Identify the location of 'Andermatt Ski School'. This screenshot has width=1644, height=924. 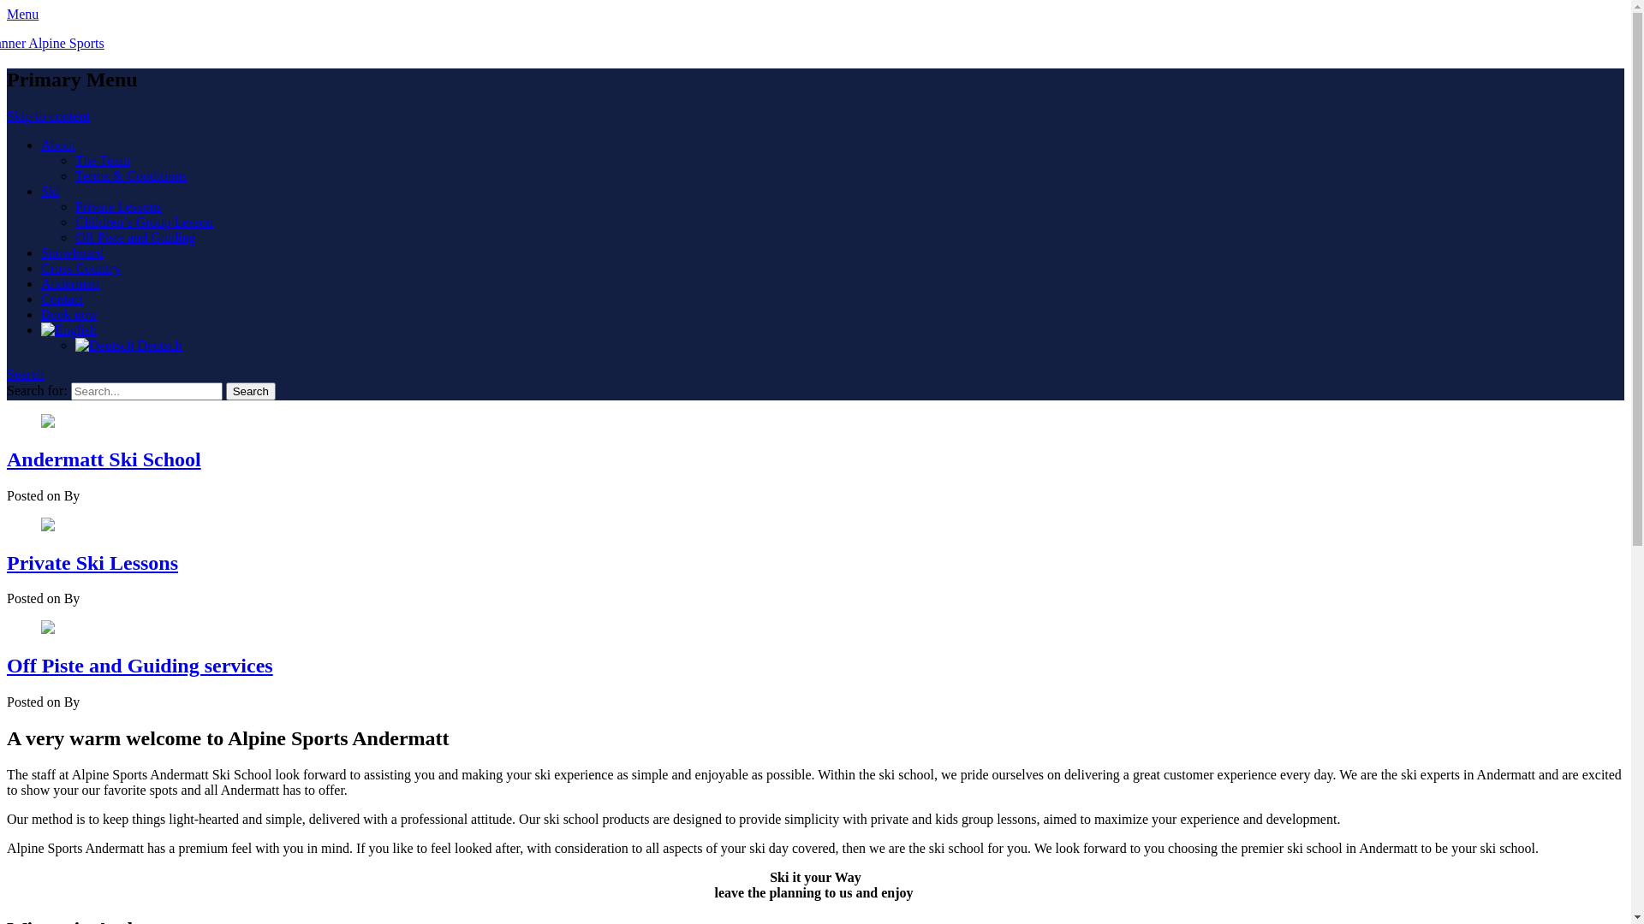
(103, 458).